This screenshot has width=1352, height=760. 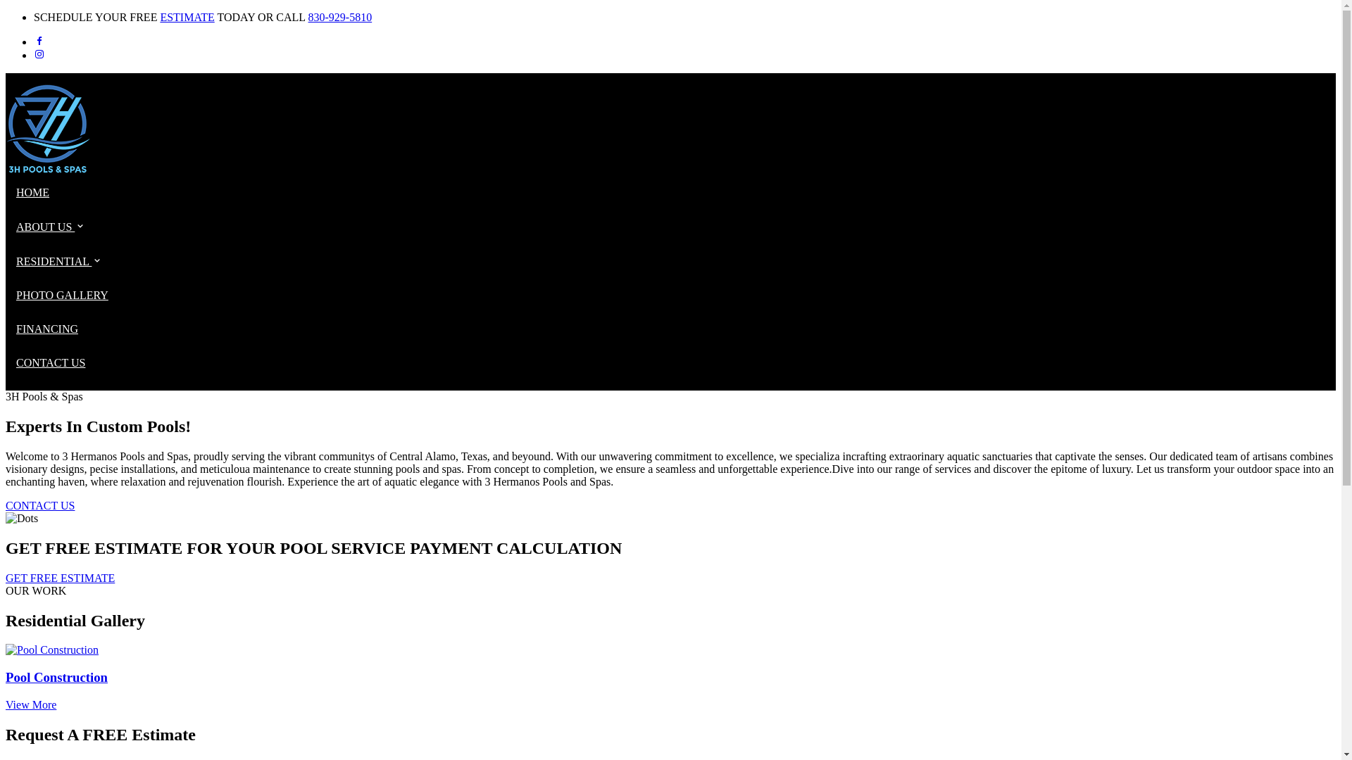 What do you see at coordinates (61, 294) in the screenshot?
I see `'PHOTO GALLERY'` at bounding box center [61, 294].